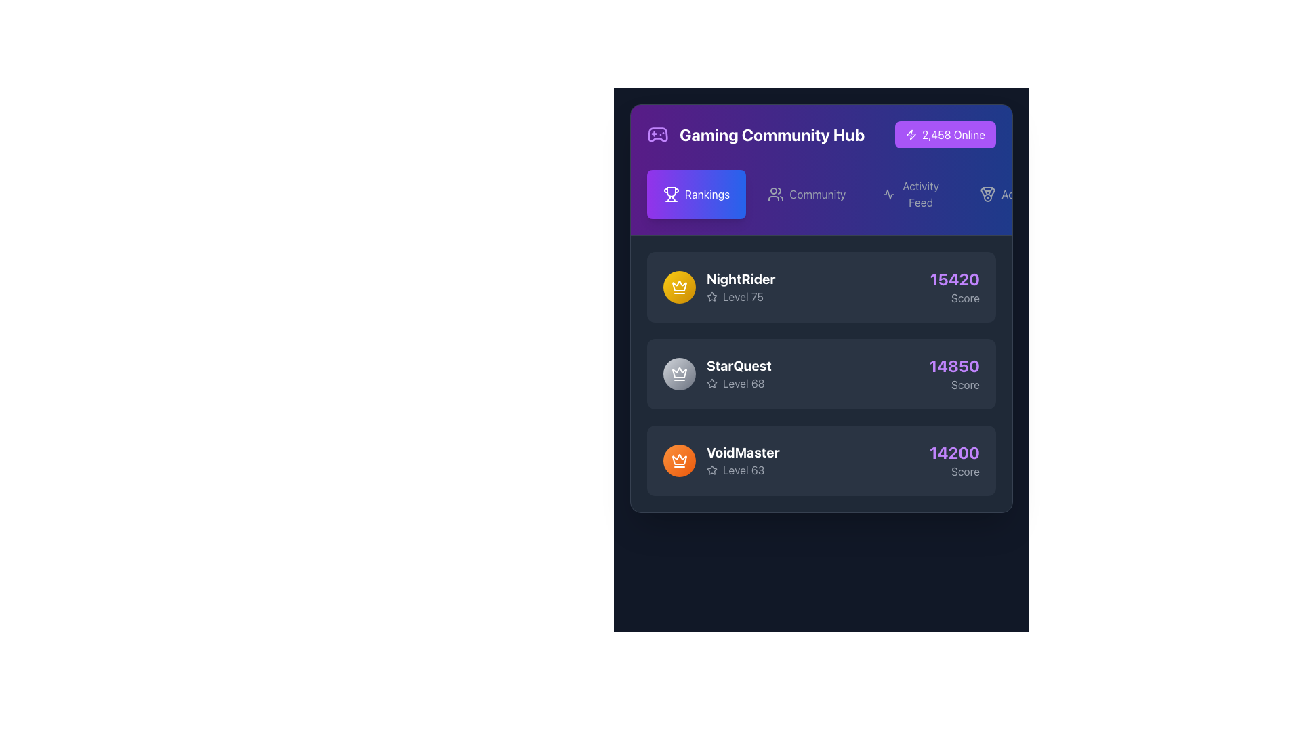 Image resolution: width=1301 pixels, height=732 pixels. I want to click on the 'Activity Feed' button, which is the third button in the horizontal navigation bar located at the top of the interface, so click(913, 194).